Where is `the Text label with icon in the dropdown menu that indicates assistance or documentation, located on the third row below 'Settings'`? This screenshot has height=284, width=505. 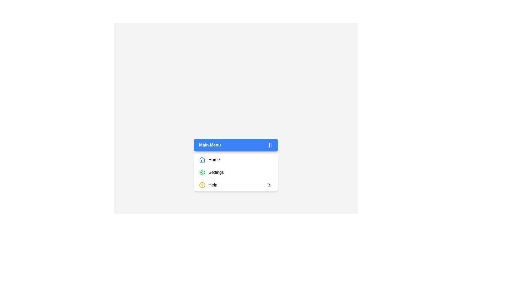
the Text label with icon in the dropdown menu that indicates assistance or documentation, located on the third row below 'Settings' is located at coordinates (208, 185).